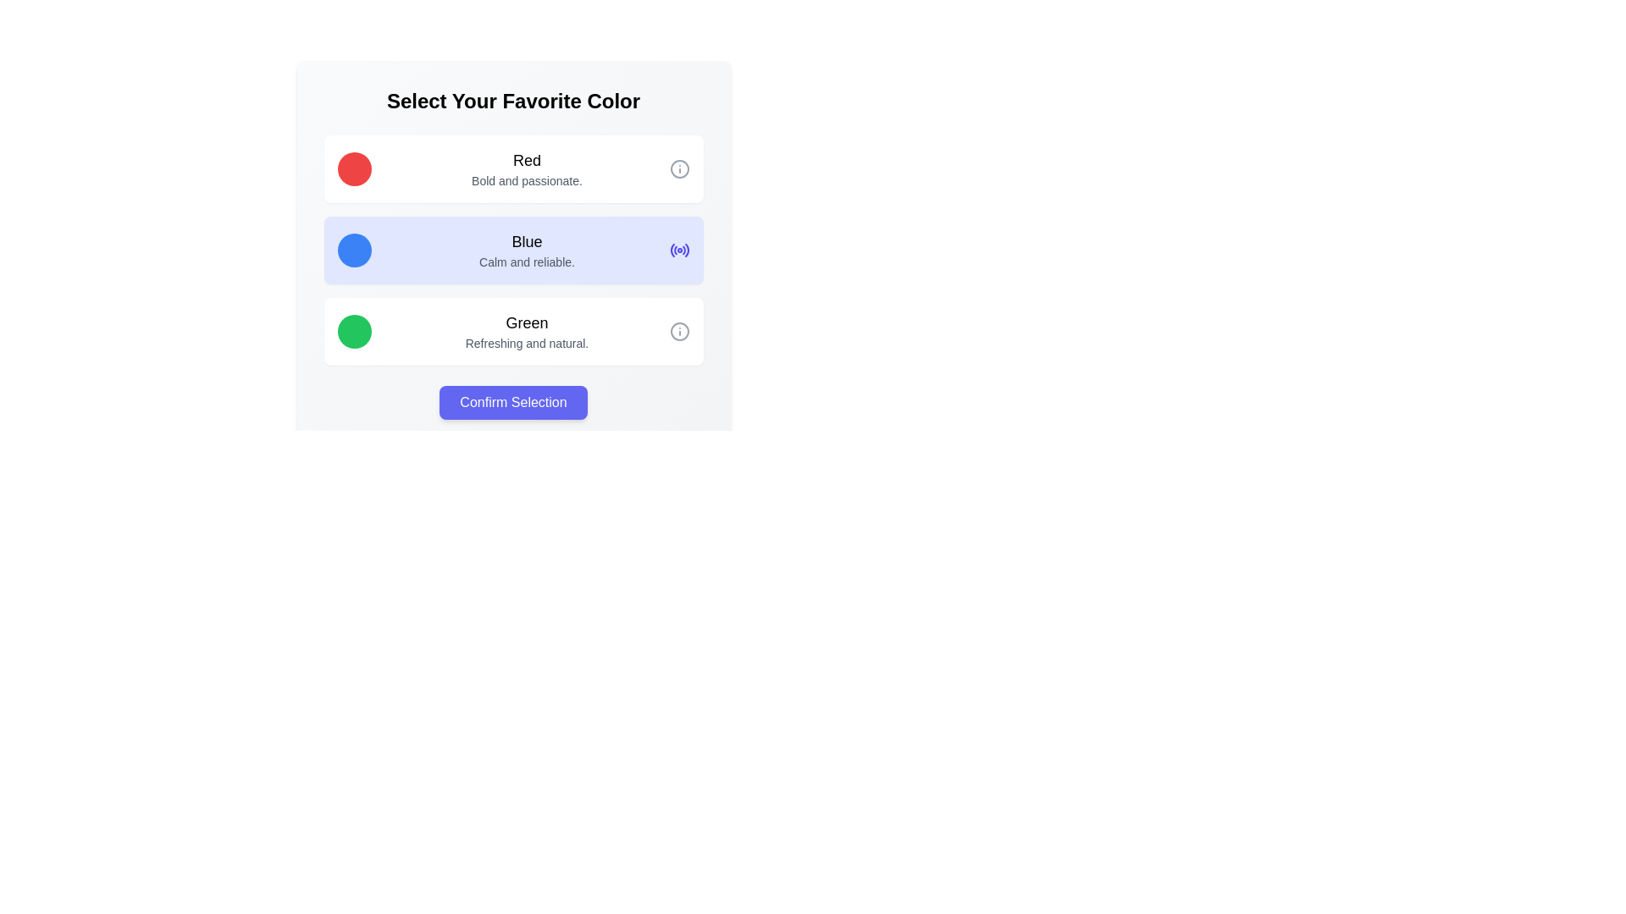 Image resolution: width=1626 pixels, height=914 pixels. What do you see at coordinates (679, 332) in the screenshot?
I see `the SVG Circle element which serves as a graphical indicator within the interactive options for the text block labeled 'Green.'` at bounding box center [679, 332].